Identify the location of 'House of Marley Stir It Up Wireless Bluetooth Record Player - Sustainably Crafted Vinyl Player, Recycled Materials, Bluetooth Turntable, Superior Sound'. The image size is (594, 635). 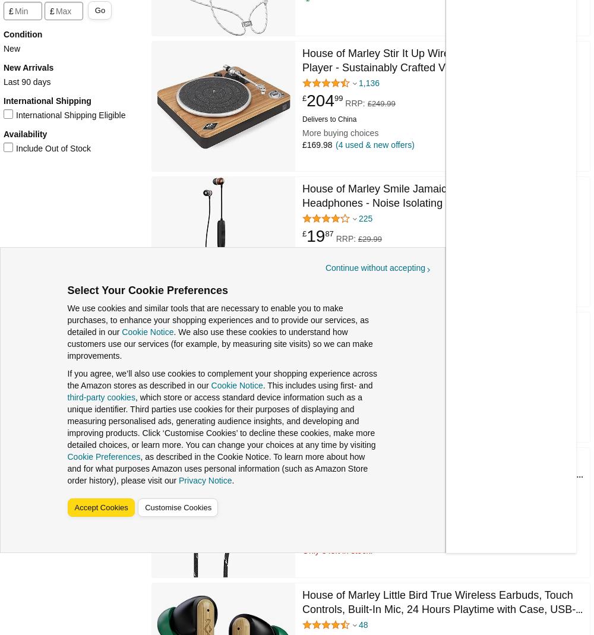
(428, 67).